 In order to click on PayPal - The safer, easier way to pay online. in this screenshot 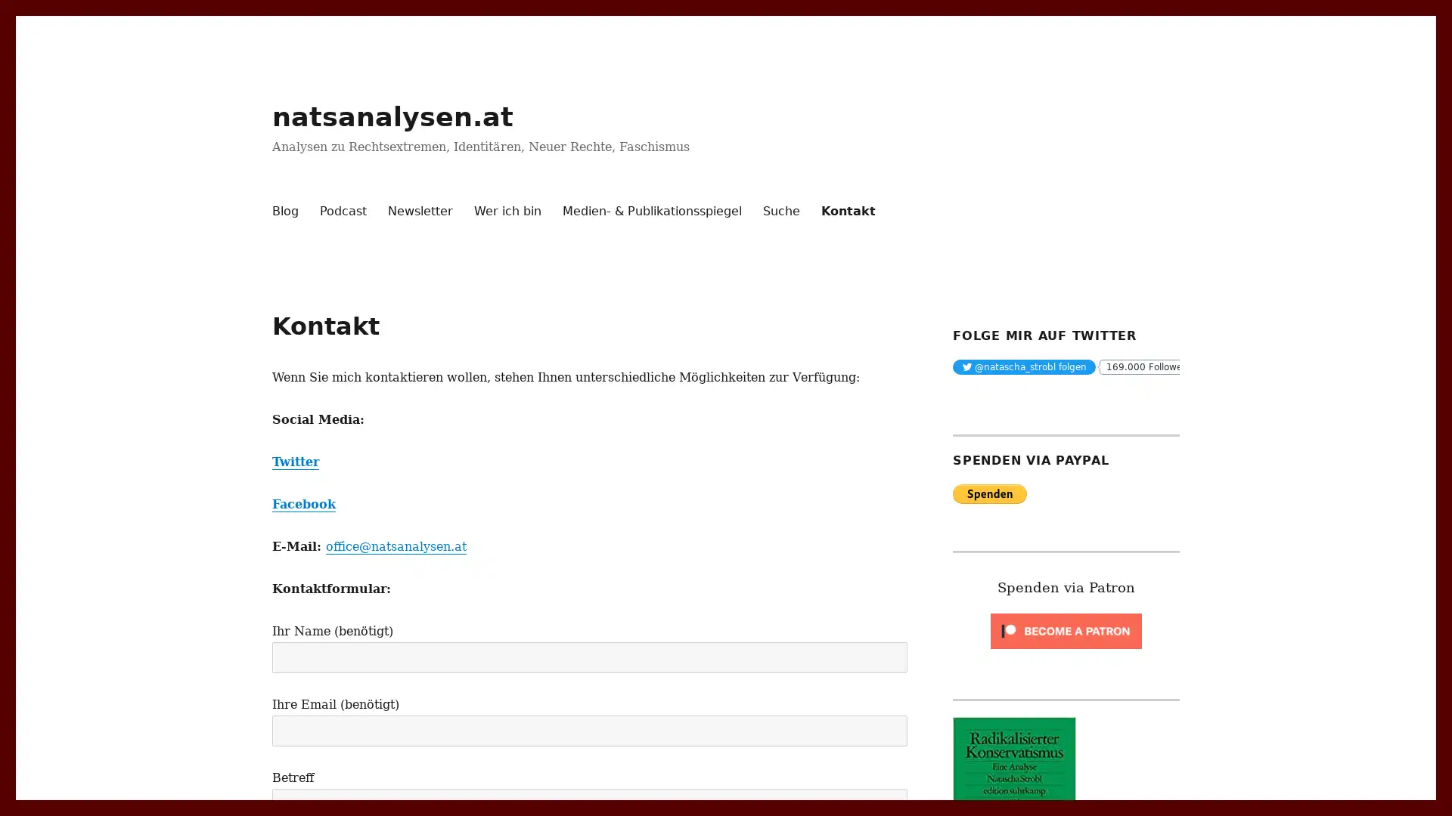, I will do `click(990, 493)`.